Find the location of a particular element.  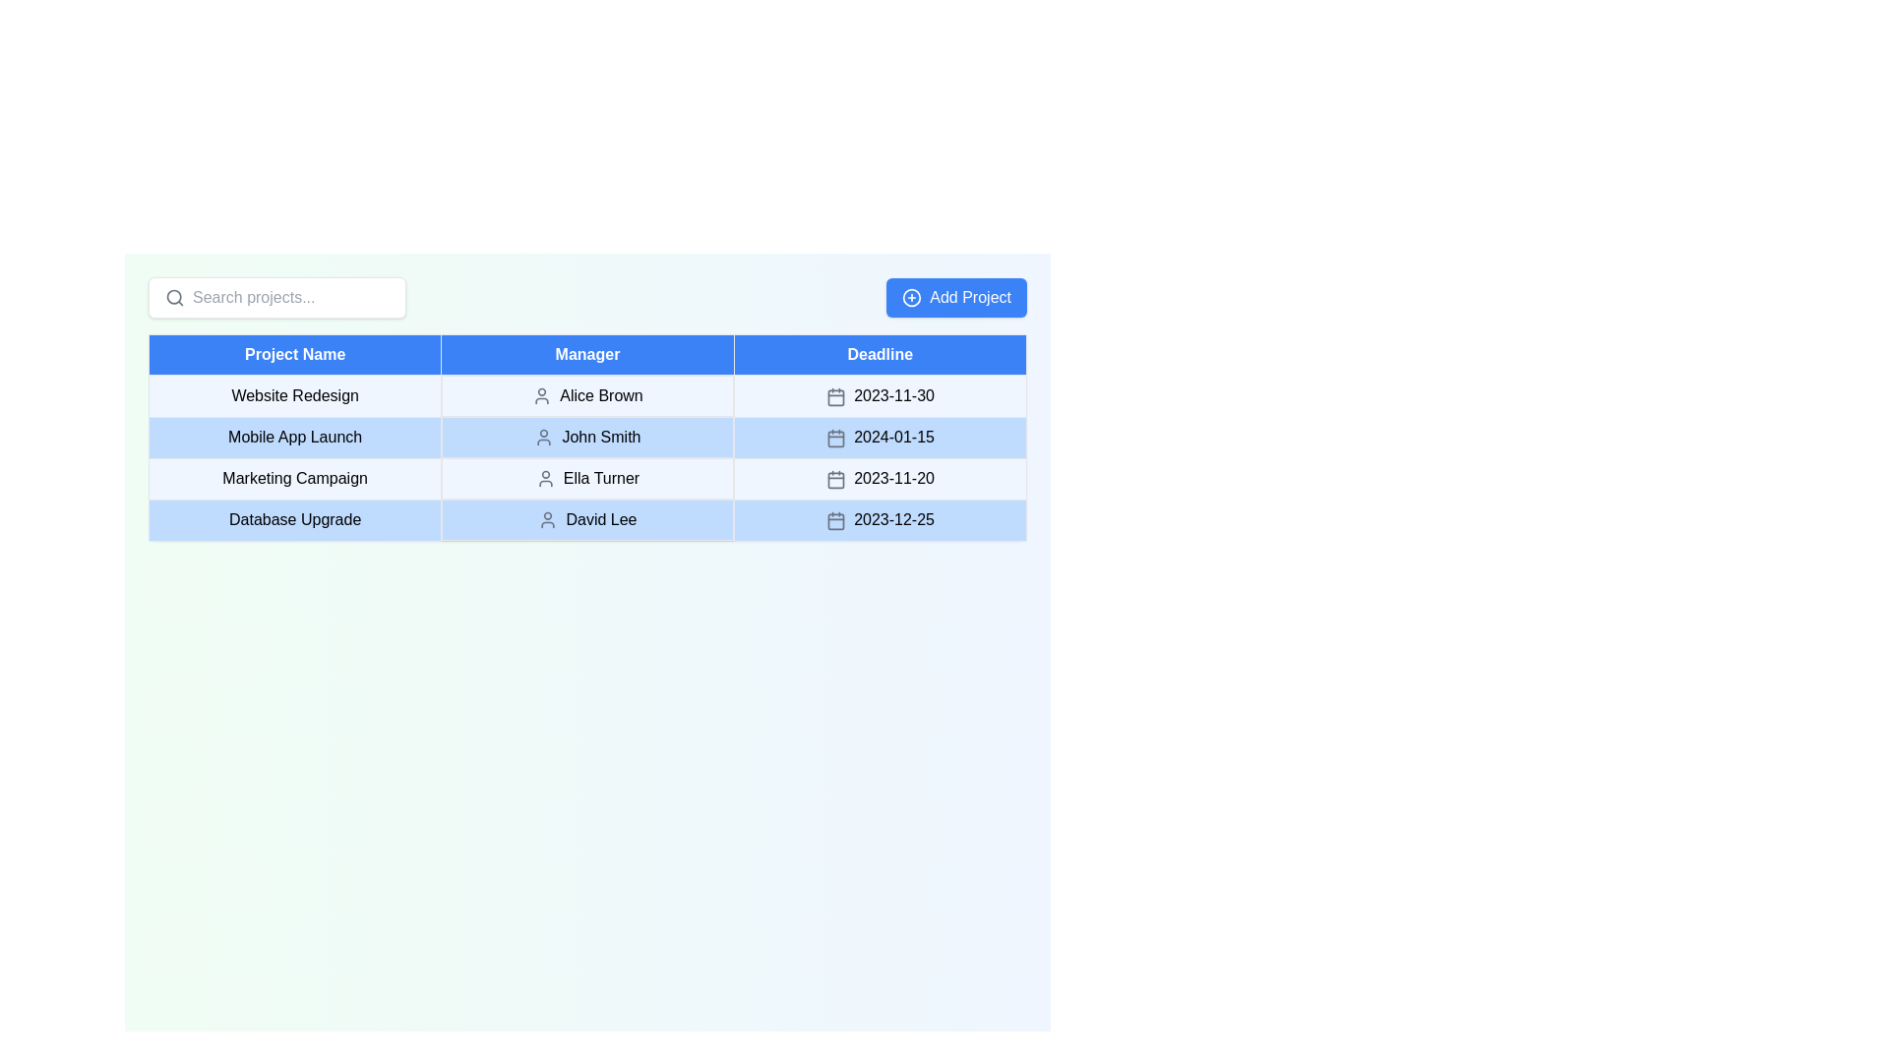

the fourth table row containing project details for 'Database Upgrade,' managed by 'David Lee,' with a deadline of '2023-12-25' is located at coordinates (586, 519).